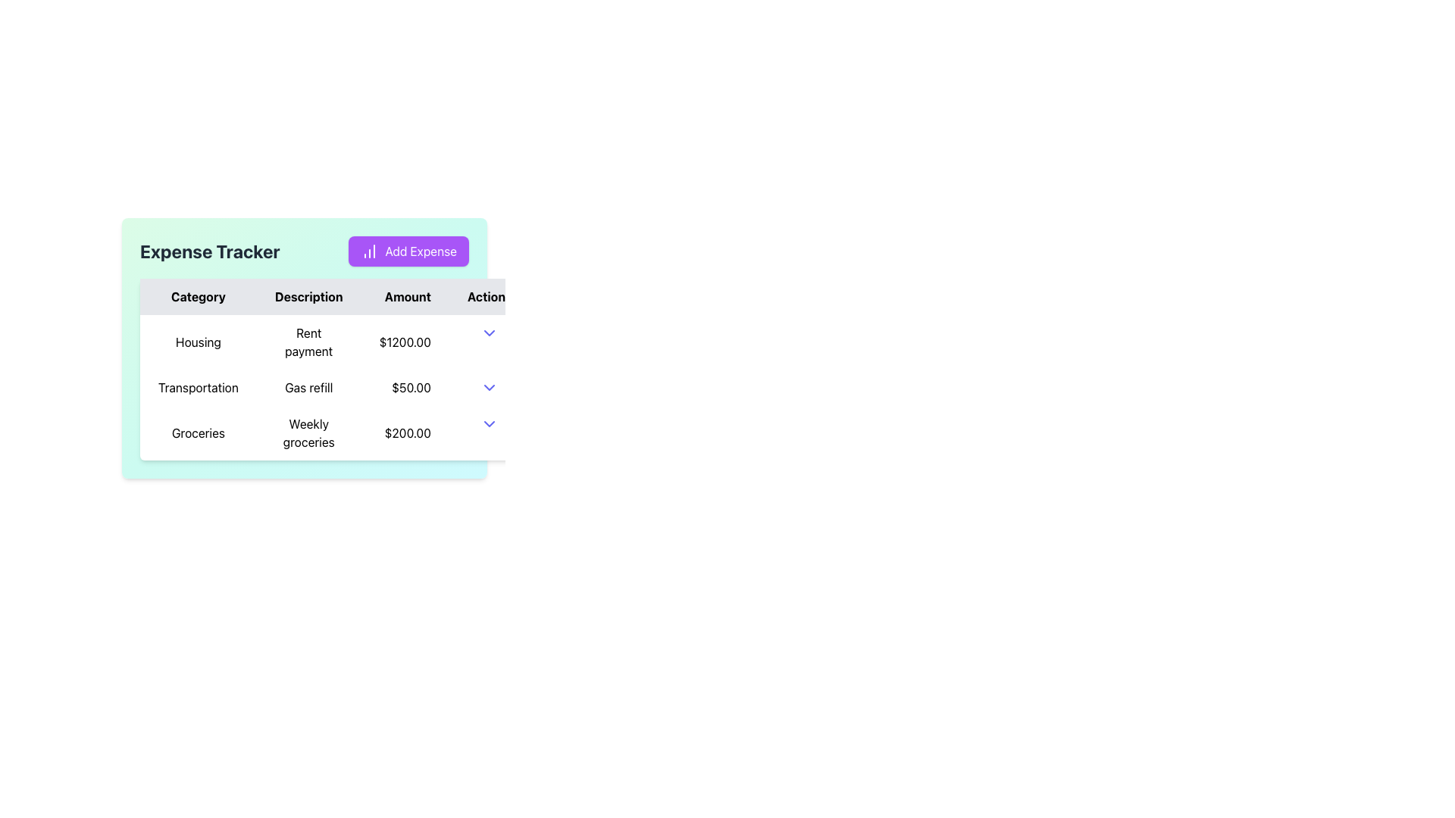 Image resolution: width=1455 pixels, height=818 pixels. What do you see at coordinates (308, 387) in the screenshot?
I see `the 'Transportation' description label in the expense tracker table to use it as context for adjacent elements` at bounding box center [308, 387].